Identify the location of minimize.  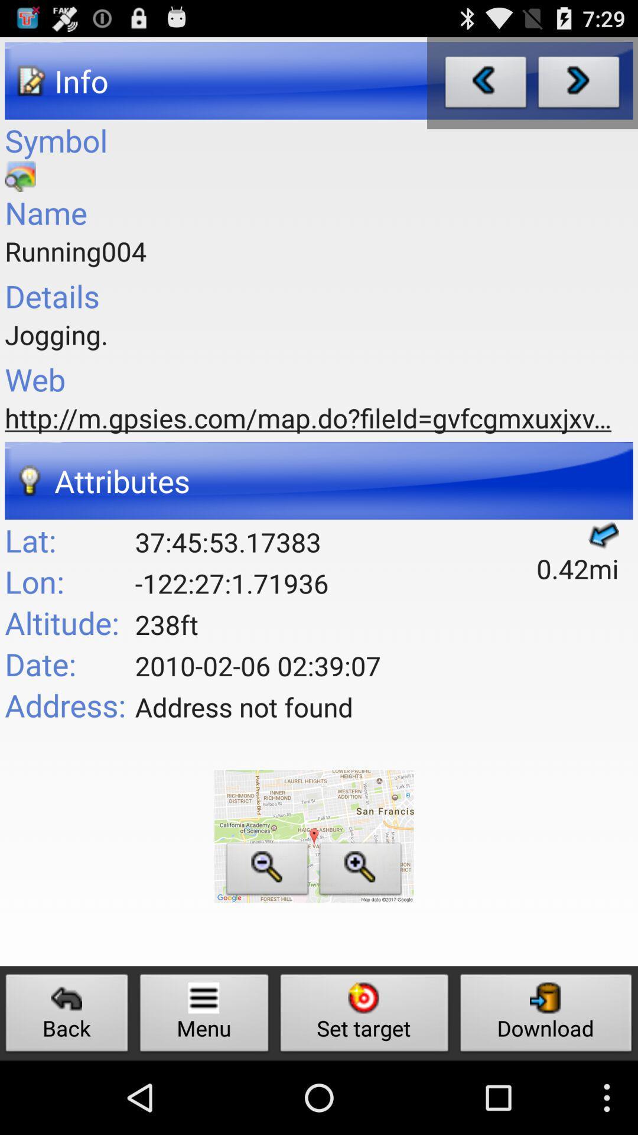
(267, 872).